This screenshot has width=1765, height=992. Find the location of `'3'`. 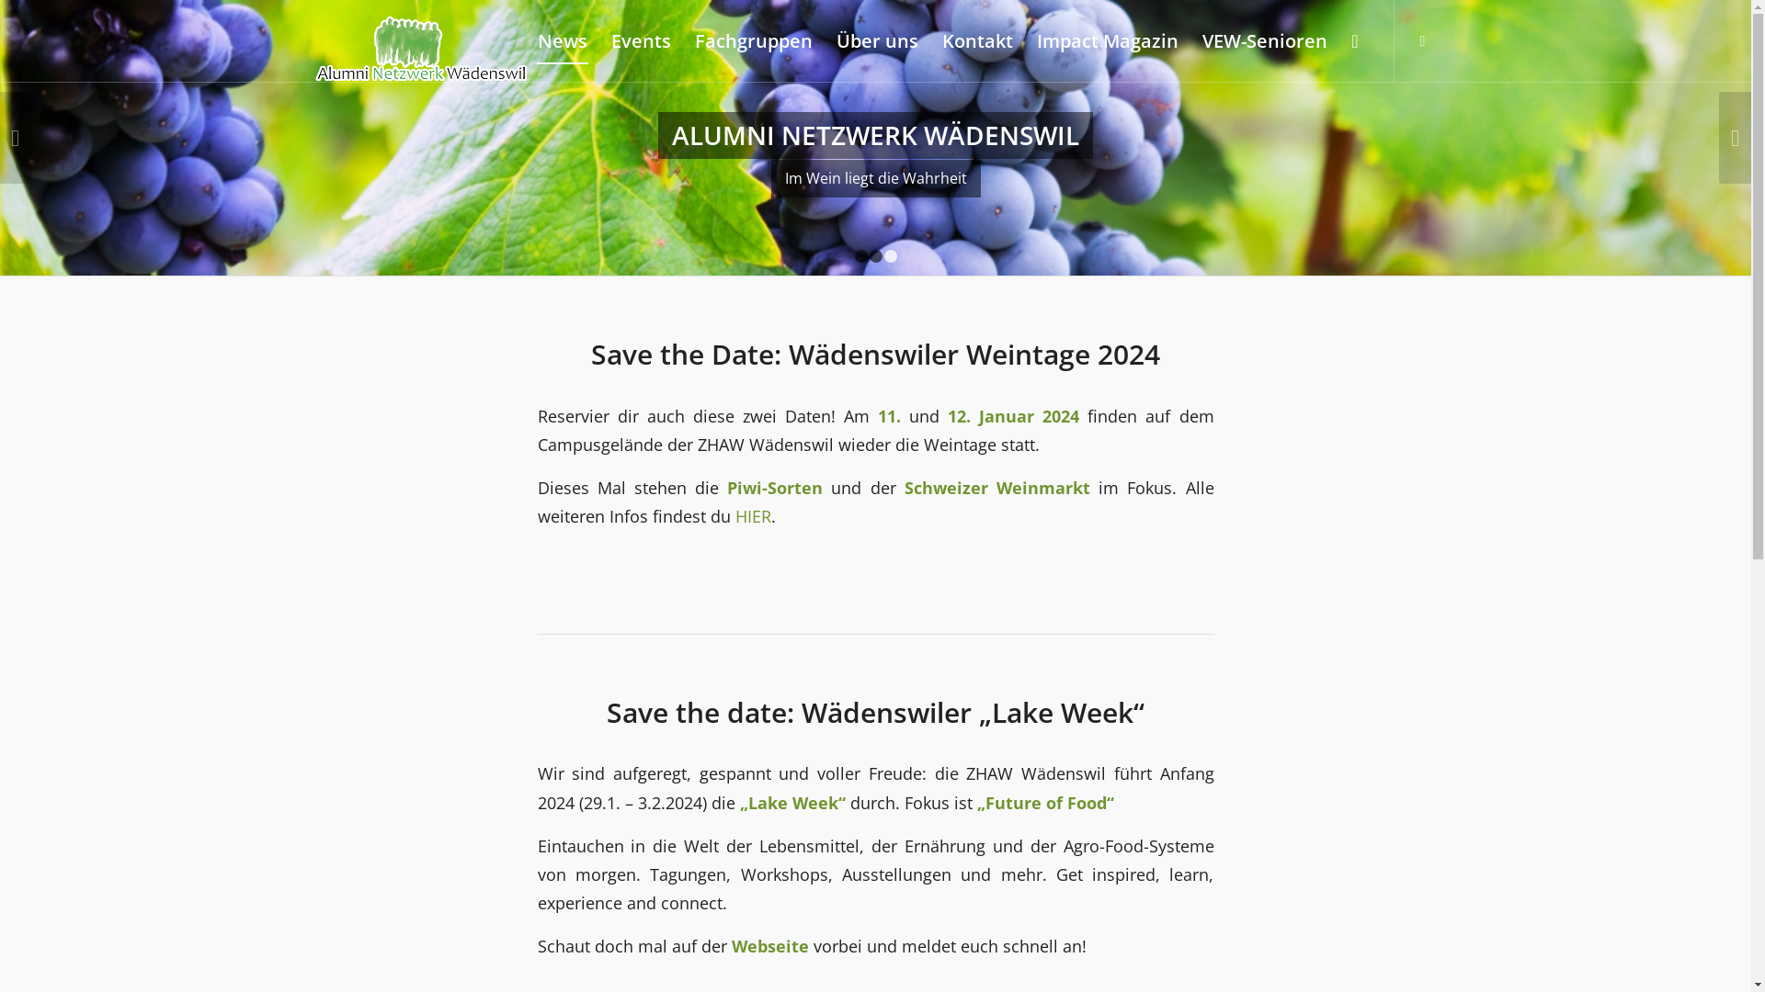

'3' is located at coordinates (891, 255).